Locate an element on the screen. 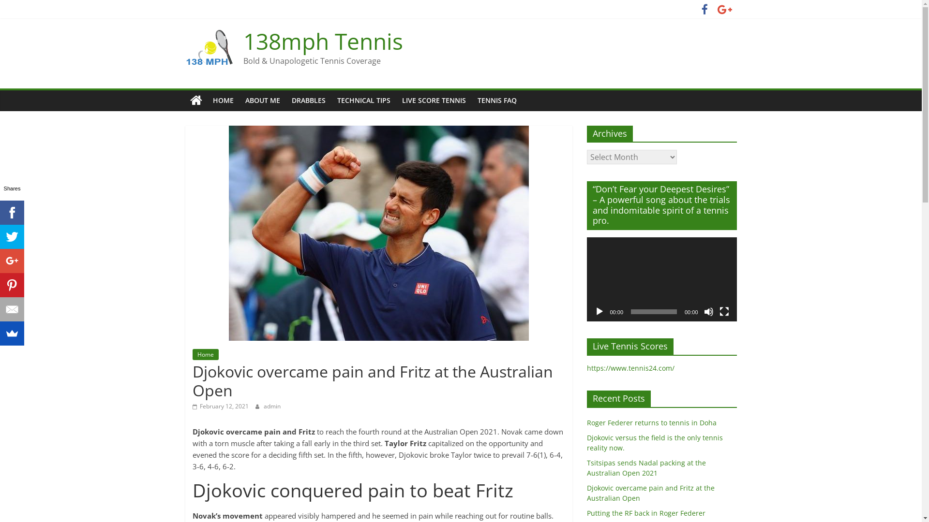 This screenshot has width=929, height=522. '138mph Tennis' is located at coordinates (323, 40).